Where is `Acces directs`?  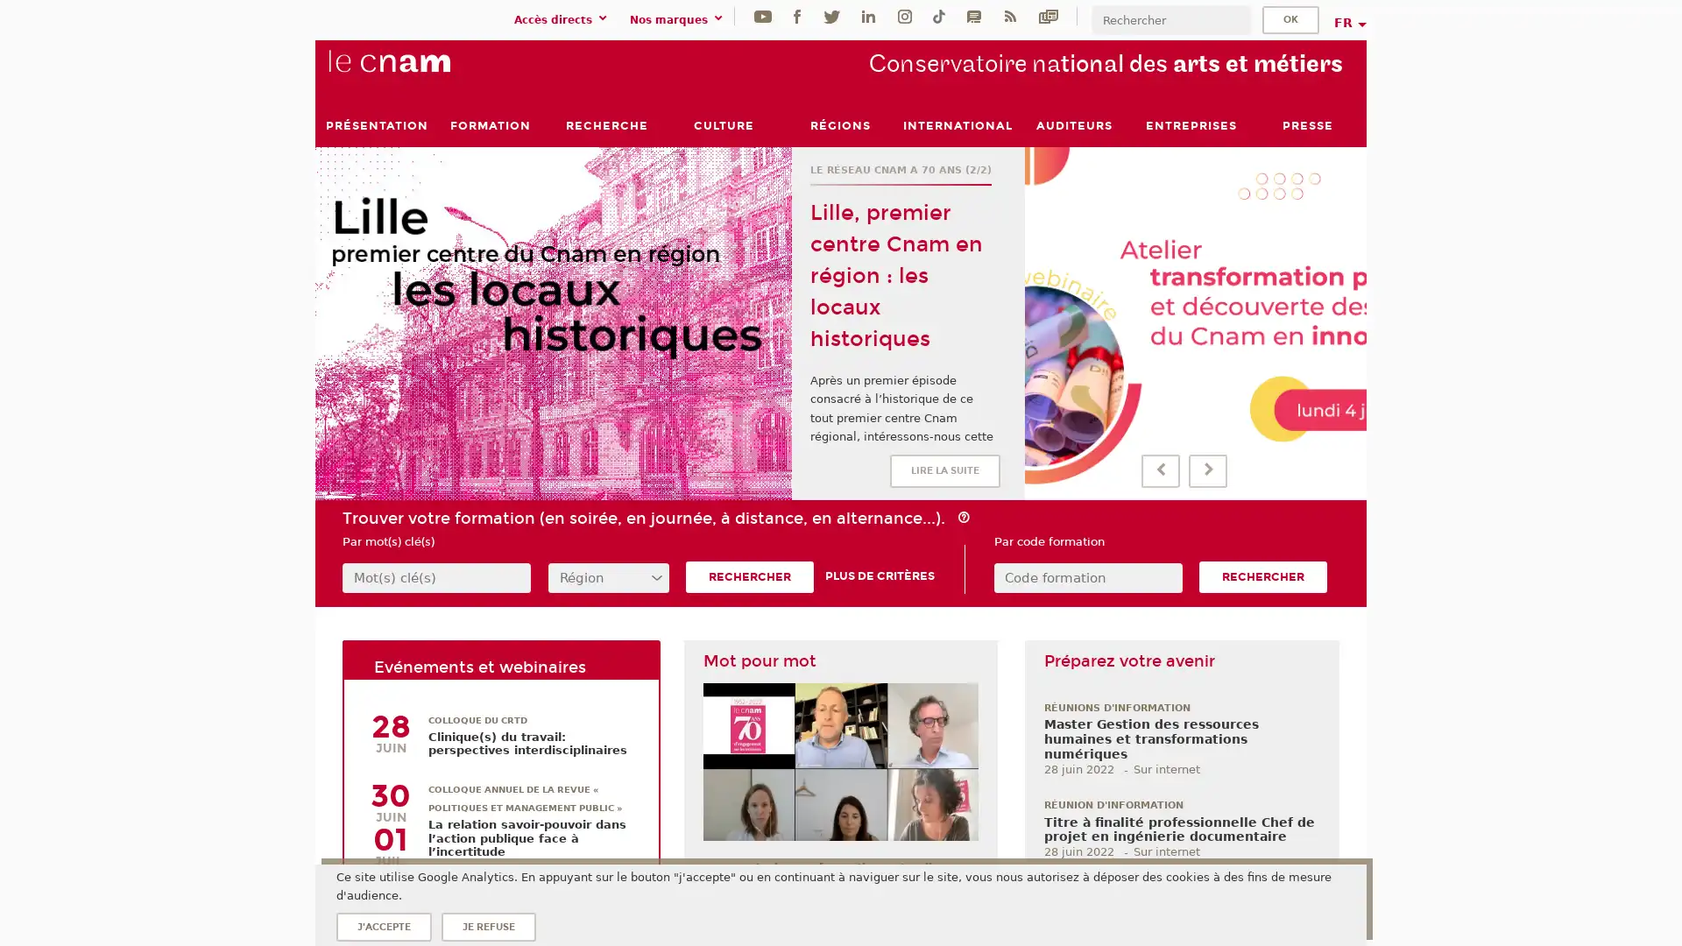 Acces directs is located at coordinates (563, 19).